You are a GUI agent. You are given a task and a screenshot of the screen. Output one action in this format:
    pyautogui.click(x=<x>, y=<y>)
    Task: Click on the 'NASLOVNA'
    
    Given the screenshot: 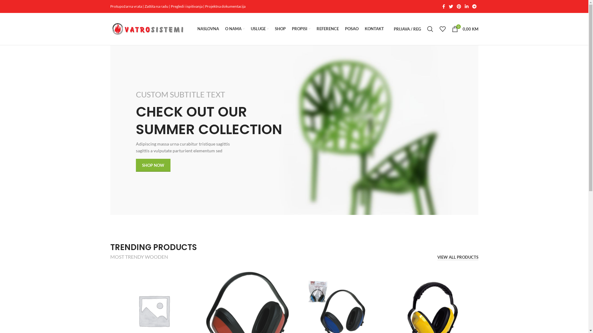 What is the action you would take?
    pyautogui.click(x=208, y=29)
    